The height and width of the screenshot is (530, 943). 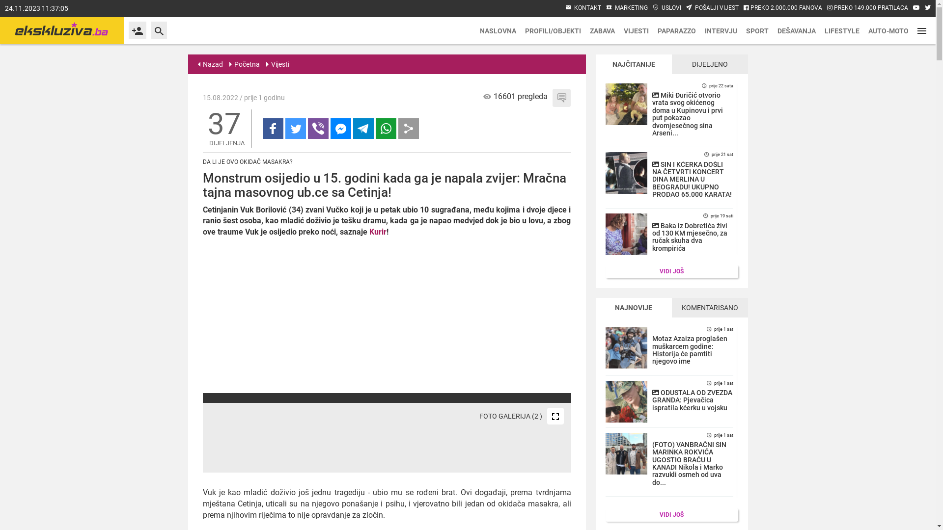 What do you see at coordinates (636, 30) in the screenshot?
I see `'VIJESTI'` at bounding box center [636, 30].